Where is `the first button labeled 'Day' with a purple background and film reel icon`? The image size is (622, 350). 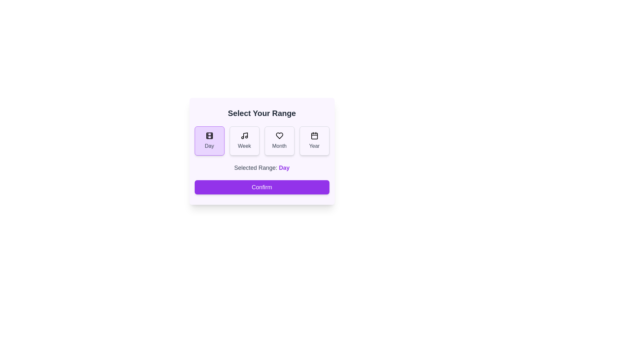 the first button labeled 'Day' with a purple background and film reel icon is located at coordinates (209, 141).